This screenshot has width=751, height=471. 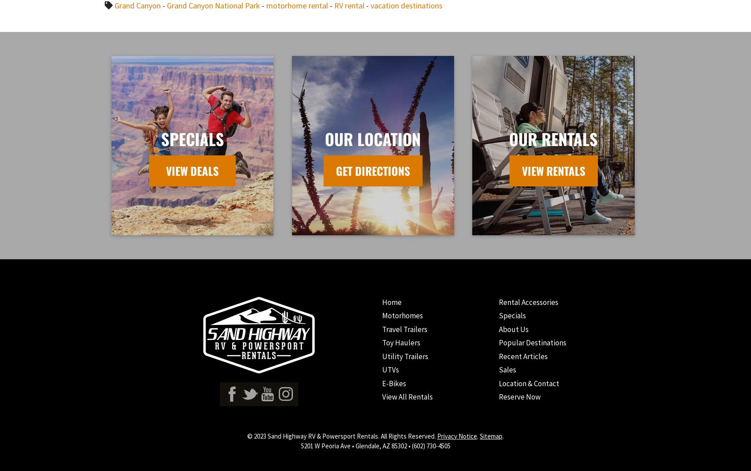 What do you see at coordinates (406, 5) in the screenshot?
I see `'vacation destinations'` at bounding box center [406, 5].